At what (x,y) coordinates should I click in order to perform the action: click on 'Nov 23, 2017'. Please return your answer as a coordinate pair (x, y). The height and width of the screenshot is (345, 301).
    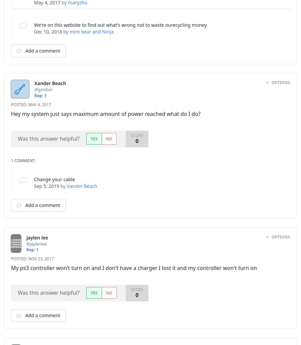
    Looking at the image, I should click on (41, 259).